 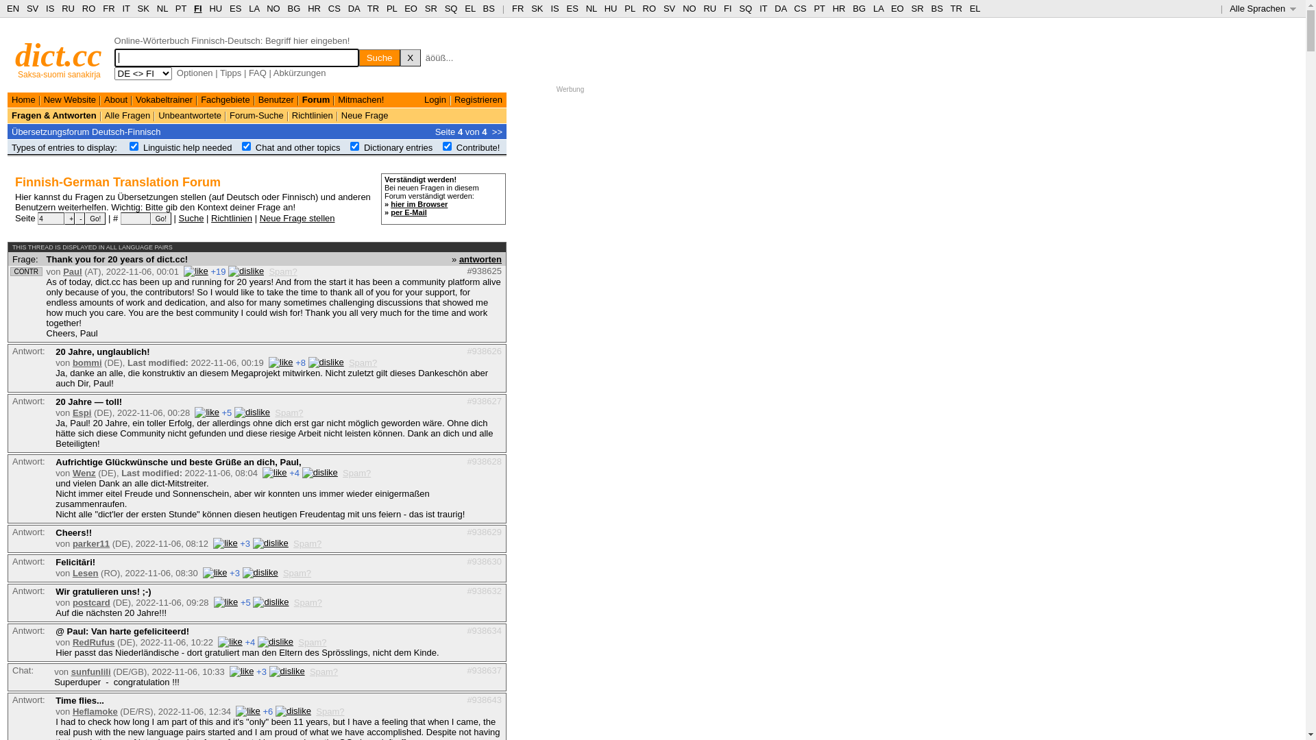 I want to click on 'NL', so click(x=592, y=8).